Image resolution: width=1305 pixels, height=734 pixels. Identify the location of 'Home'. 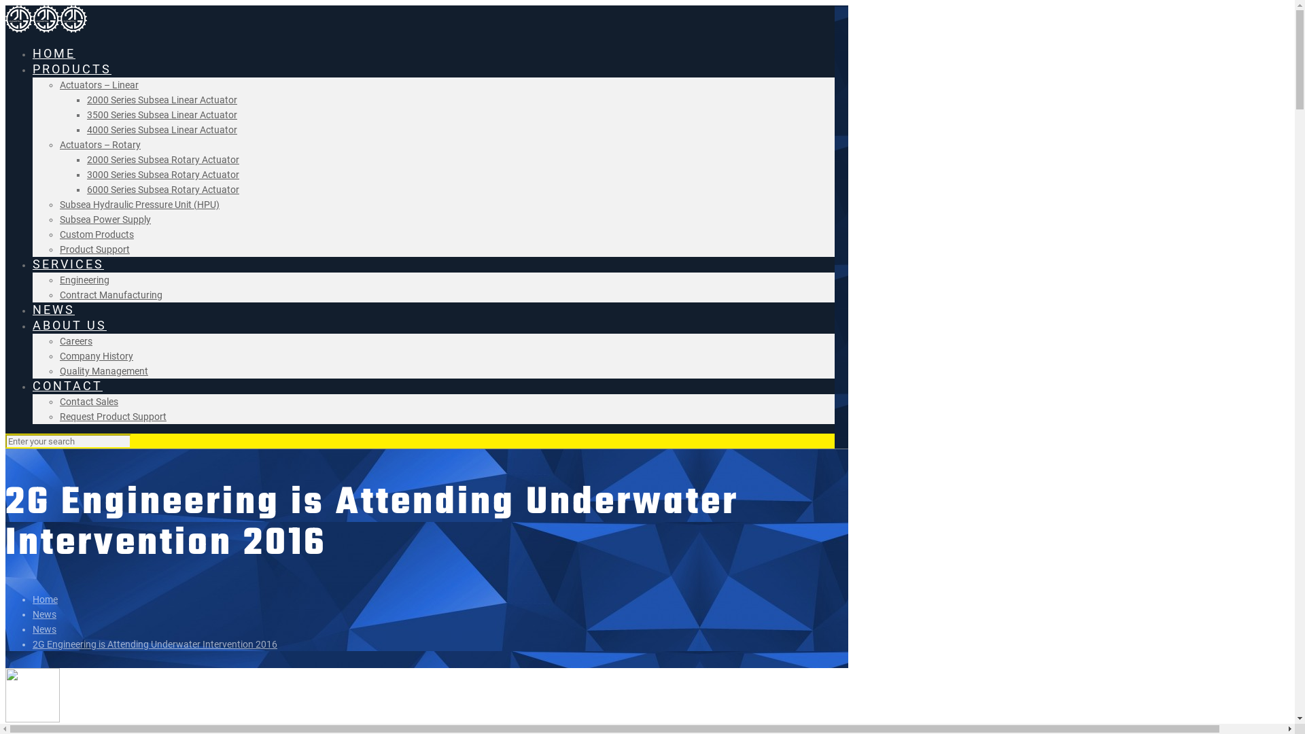
(45, 599).